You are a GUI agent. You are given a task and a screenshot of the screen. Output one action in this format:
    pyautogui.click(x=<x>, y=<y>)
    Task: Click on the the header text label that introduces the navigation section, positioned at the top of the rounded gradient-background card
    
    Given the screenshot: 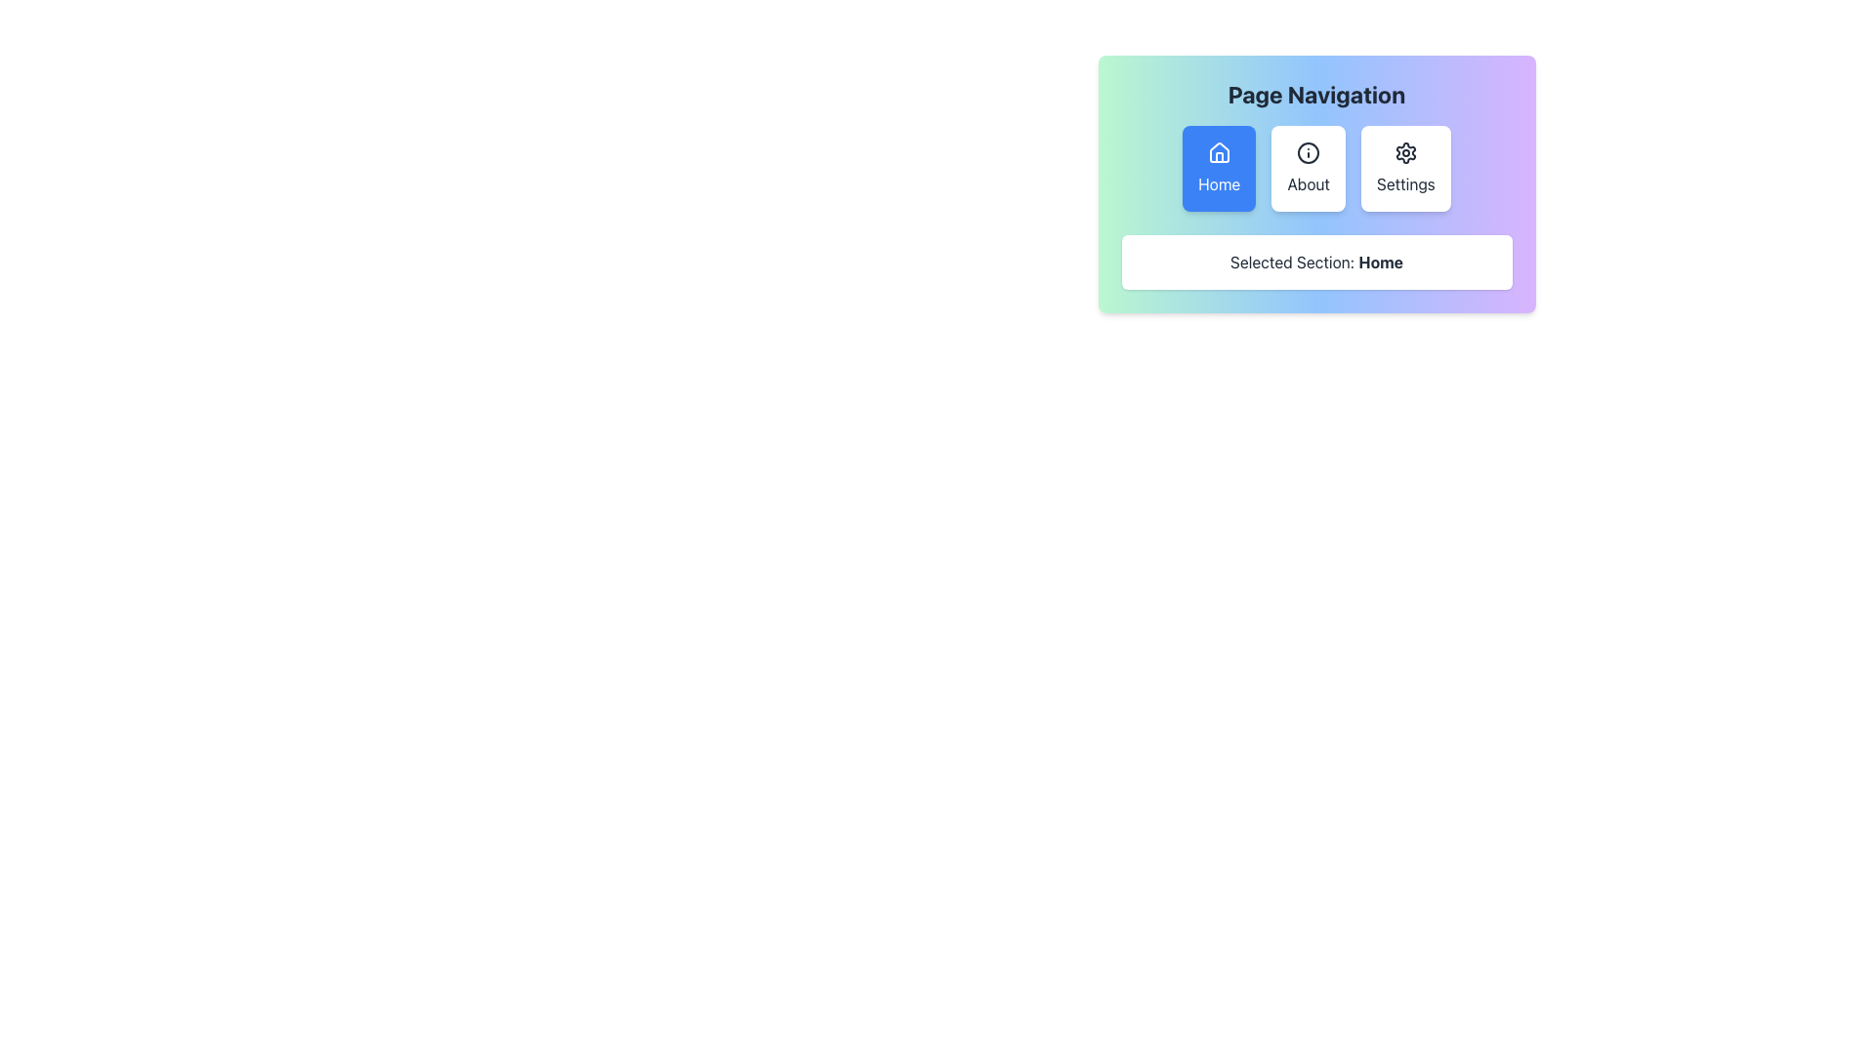 What is the action you would take?
    pyautogui.click(x=1316, y=94)
    